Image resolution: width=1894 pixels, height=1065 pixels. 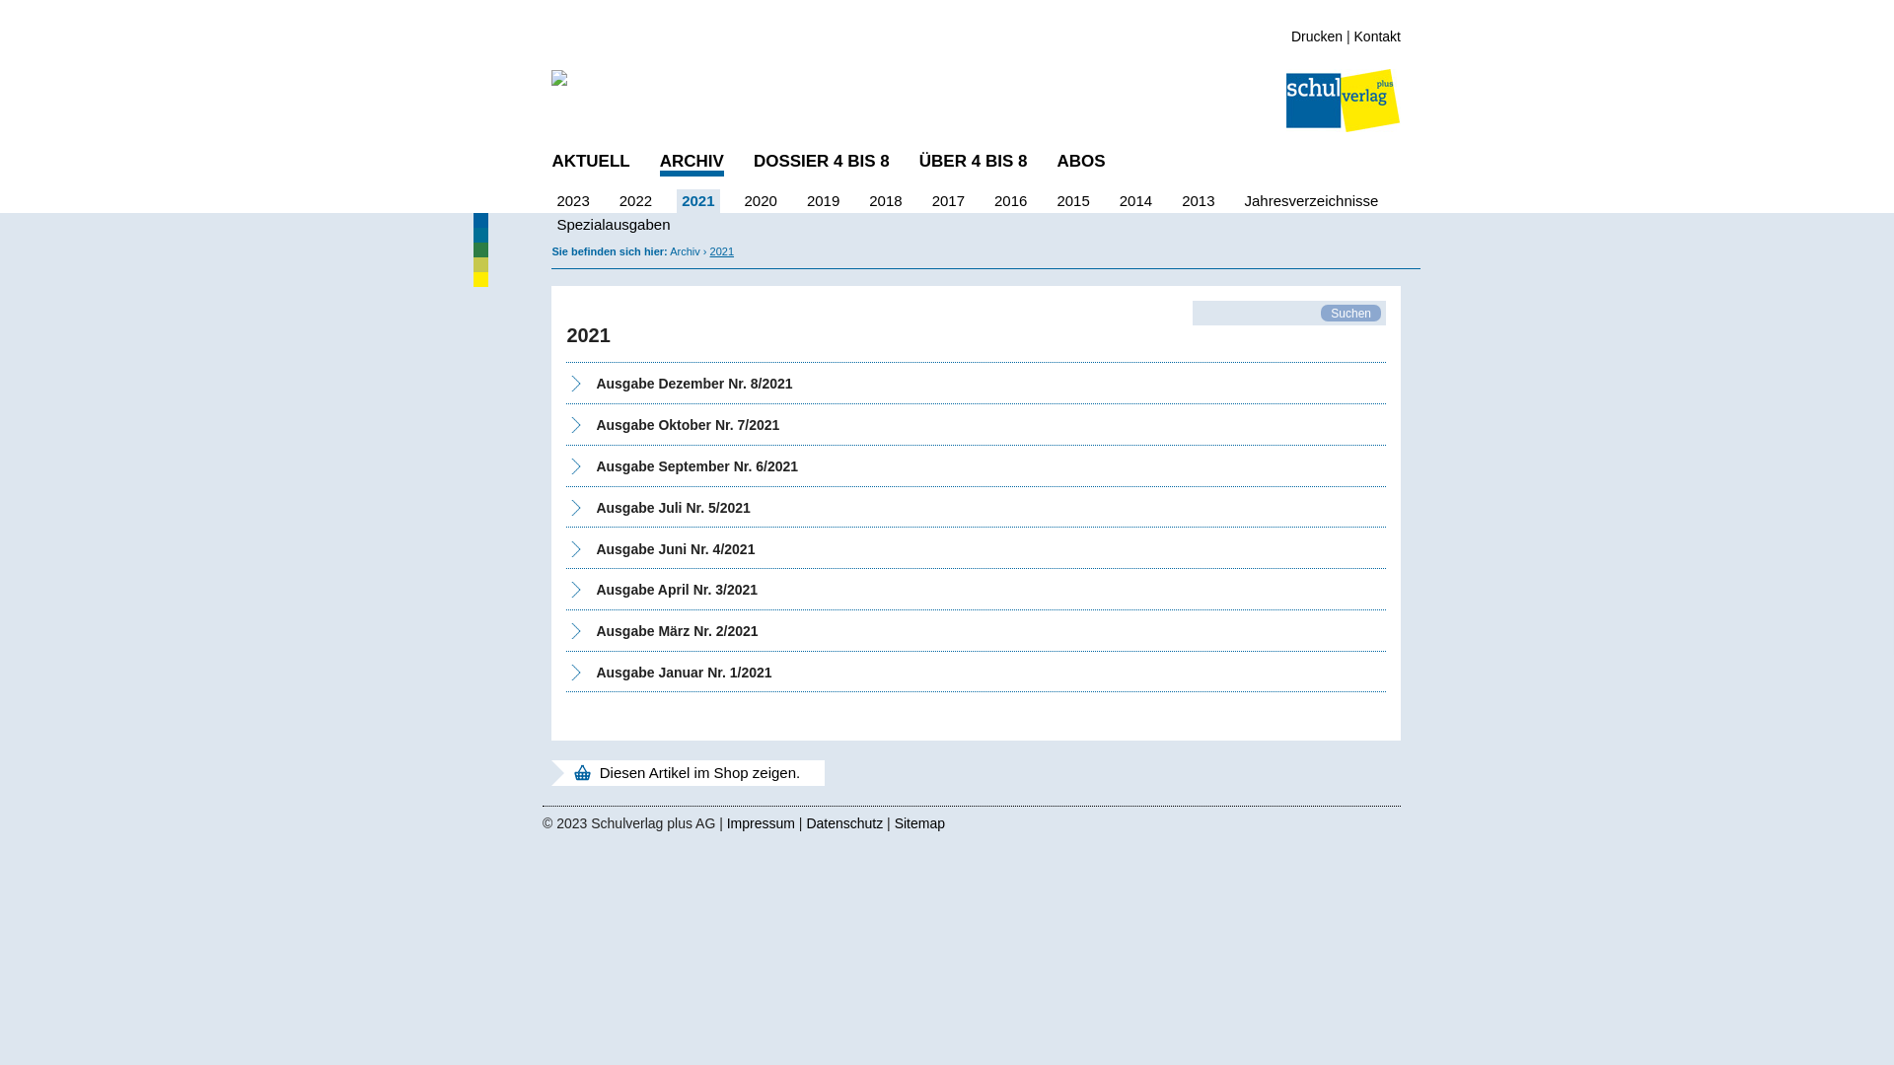 I want to click on 'Suchen', so click(x=1321, y=312).